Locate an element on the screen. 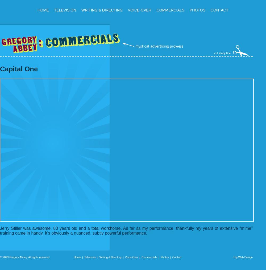 The image size is (266, 270). 'Contact' is located at coordinates (219, 10).